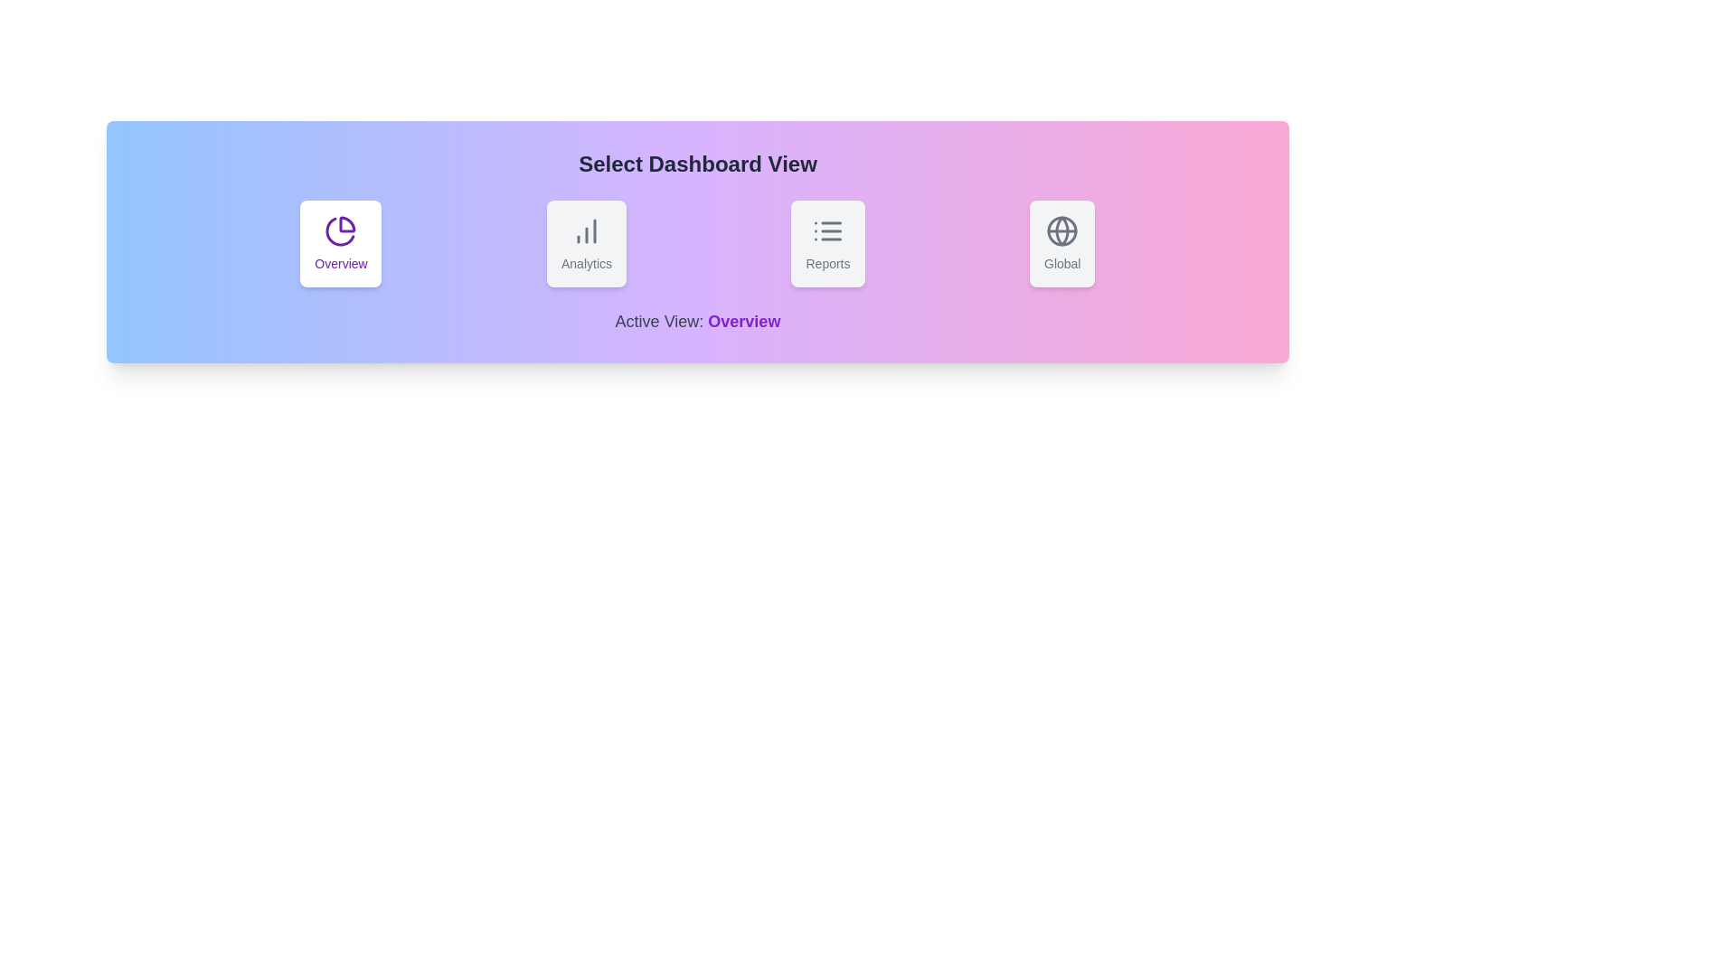 This screenshot has height=976, width=1736. Describe the element at coordinates (341, 244) in the screenshot. I see `the button labeled 'Overview' to observe the hover effect` at that location.